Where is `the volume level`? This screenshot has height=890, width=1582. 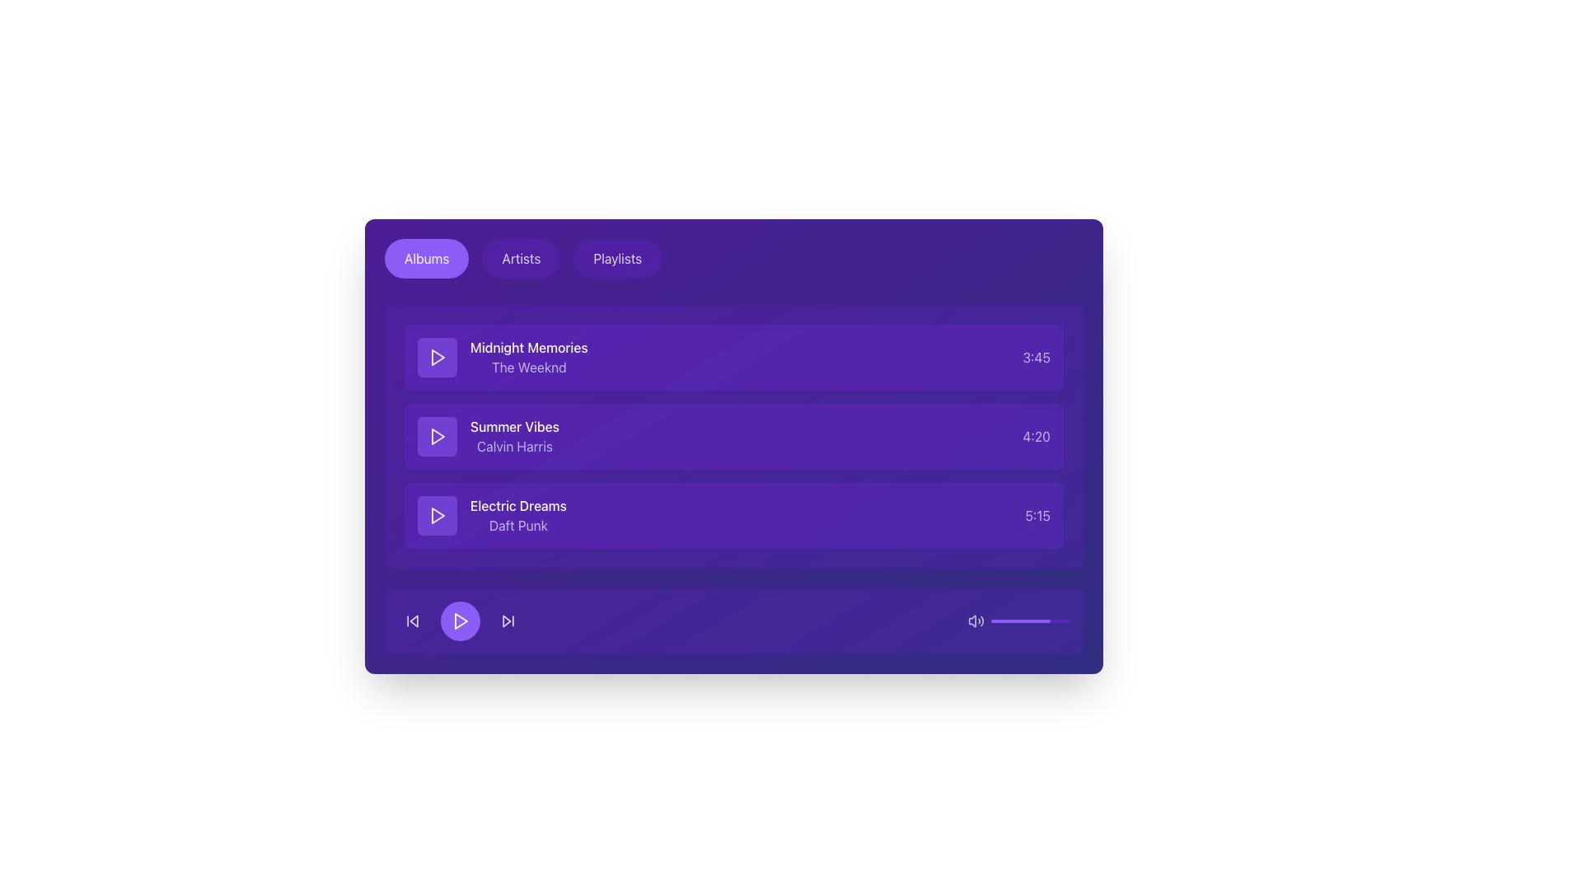
the volume level is located at coordinates (1004, 621).